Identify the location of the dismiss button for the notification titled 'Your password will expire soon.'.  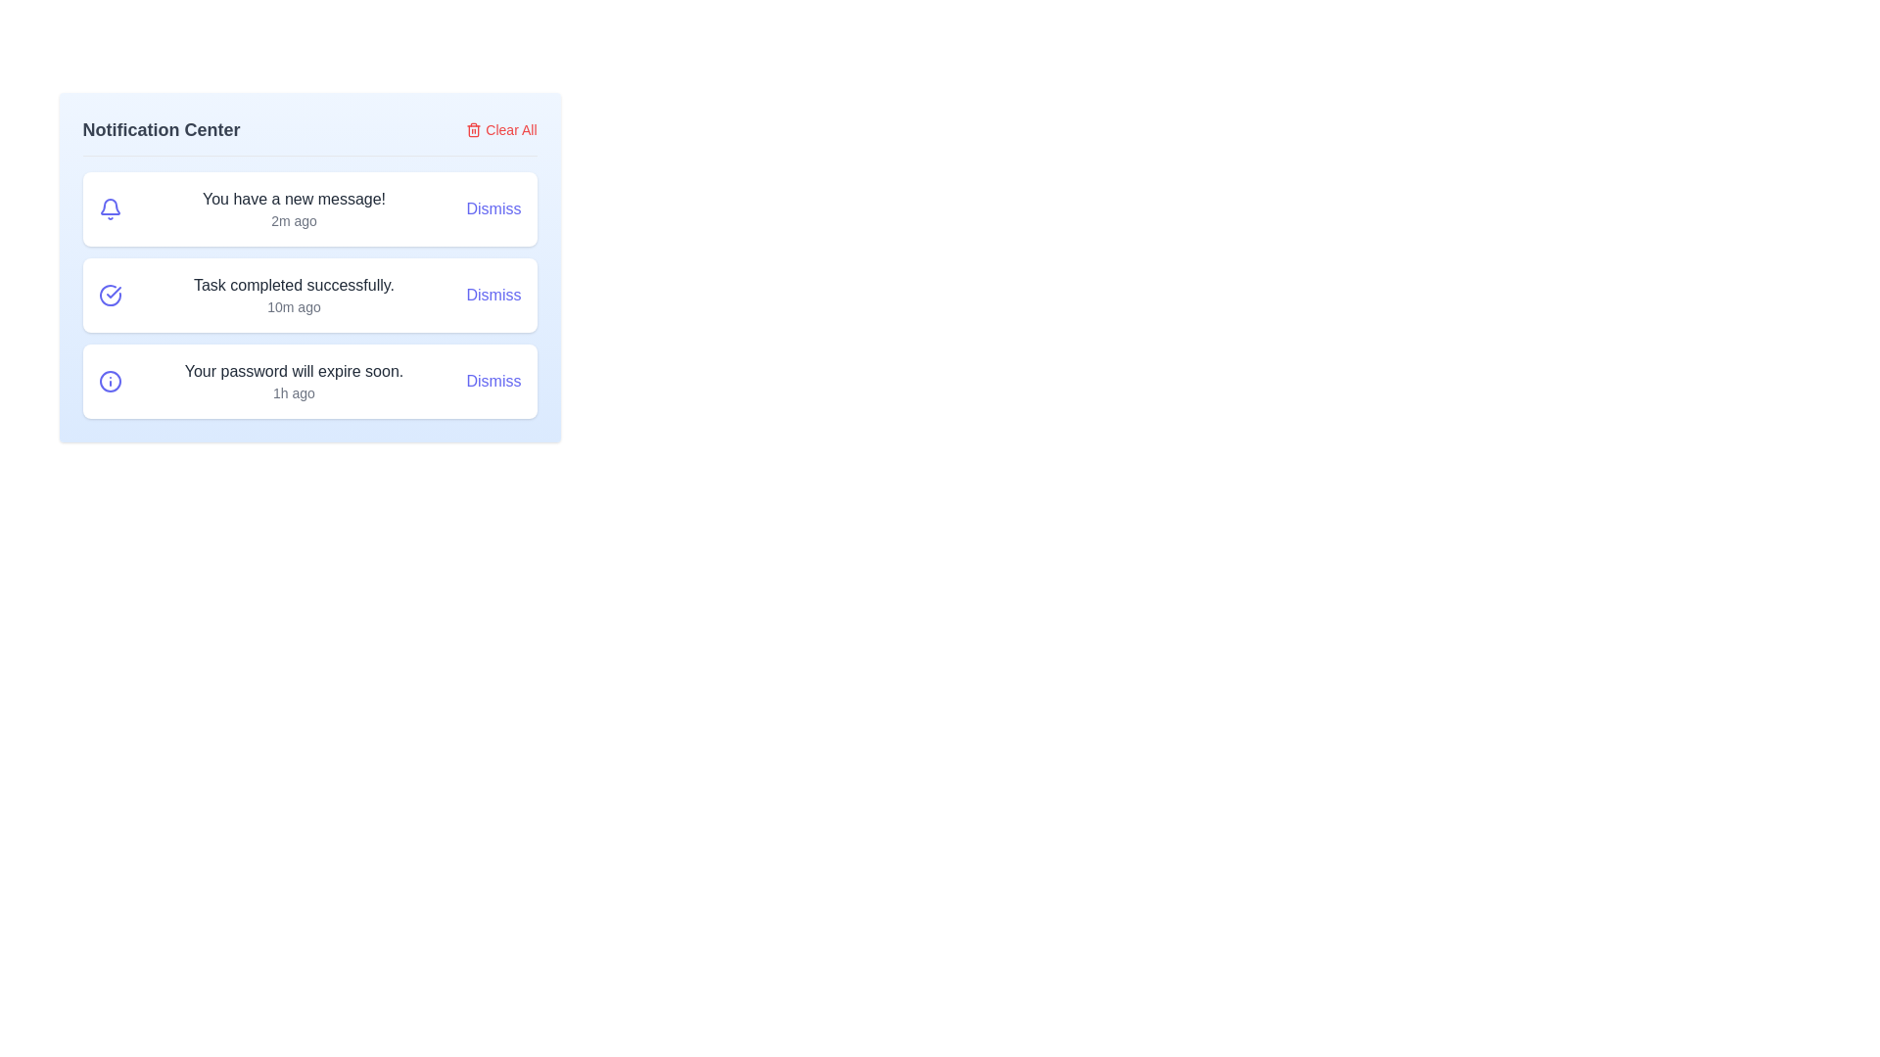
(493, 381).